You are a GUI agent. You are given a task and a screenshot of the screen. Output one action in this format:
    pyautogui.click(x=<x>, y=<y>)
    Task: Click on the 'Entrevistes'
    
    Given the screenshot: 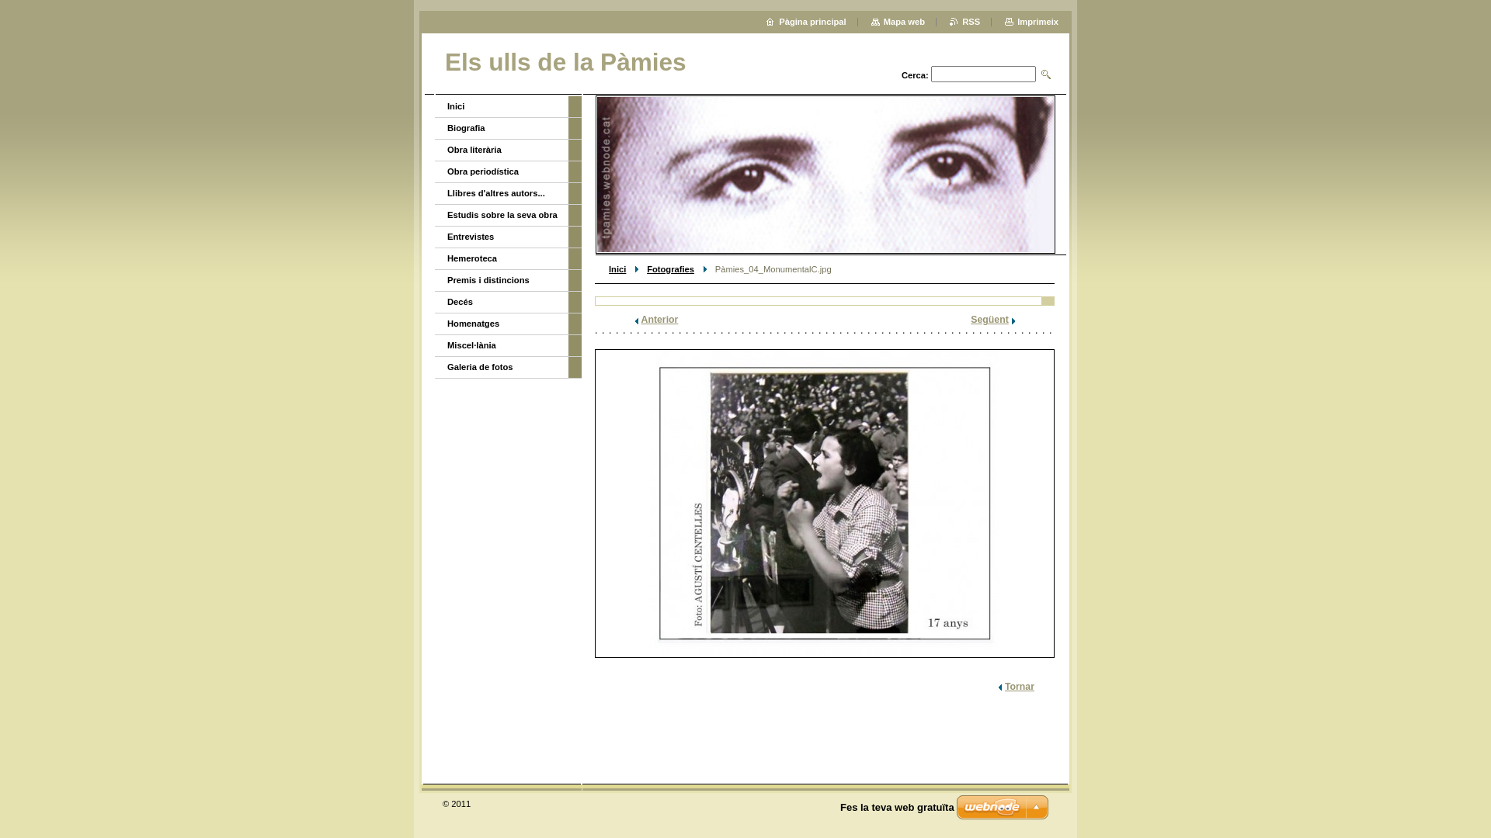 What is the action you would take?
    pyautogui.click(x=502, y=237)
    